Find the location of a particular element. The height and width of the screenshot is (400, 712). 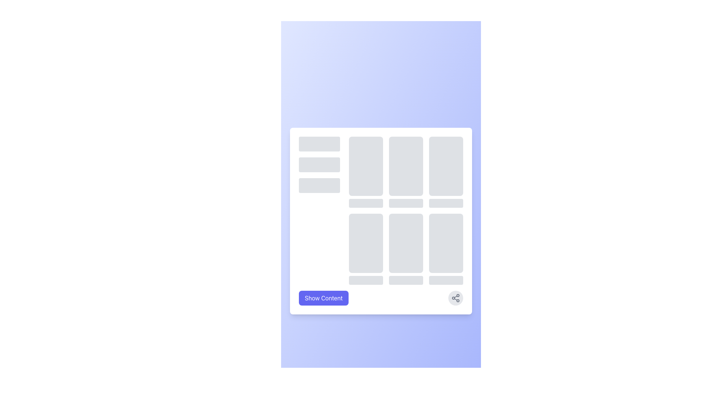

the vertically oriented rectangular block with a light gray background and rounded corners located in the fourth column of the second row is located at coordinates (366, 249).